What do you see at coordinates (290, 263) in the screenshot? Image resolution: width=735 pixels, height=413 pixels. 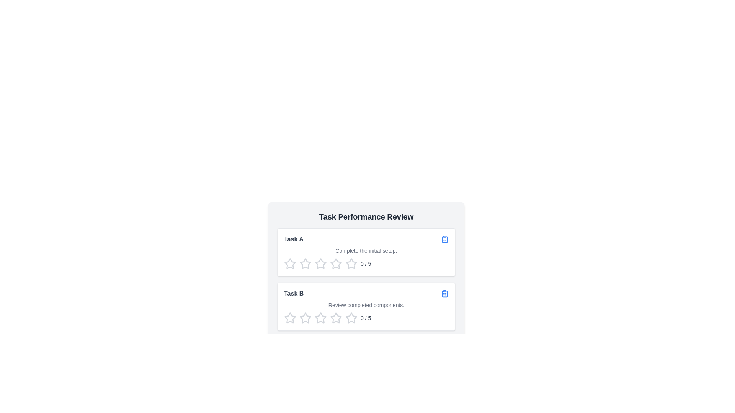 I see `the first rating star button in the top card of the interface, which allows users to give a rating of one out of five` at bounding box center [290, 263].